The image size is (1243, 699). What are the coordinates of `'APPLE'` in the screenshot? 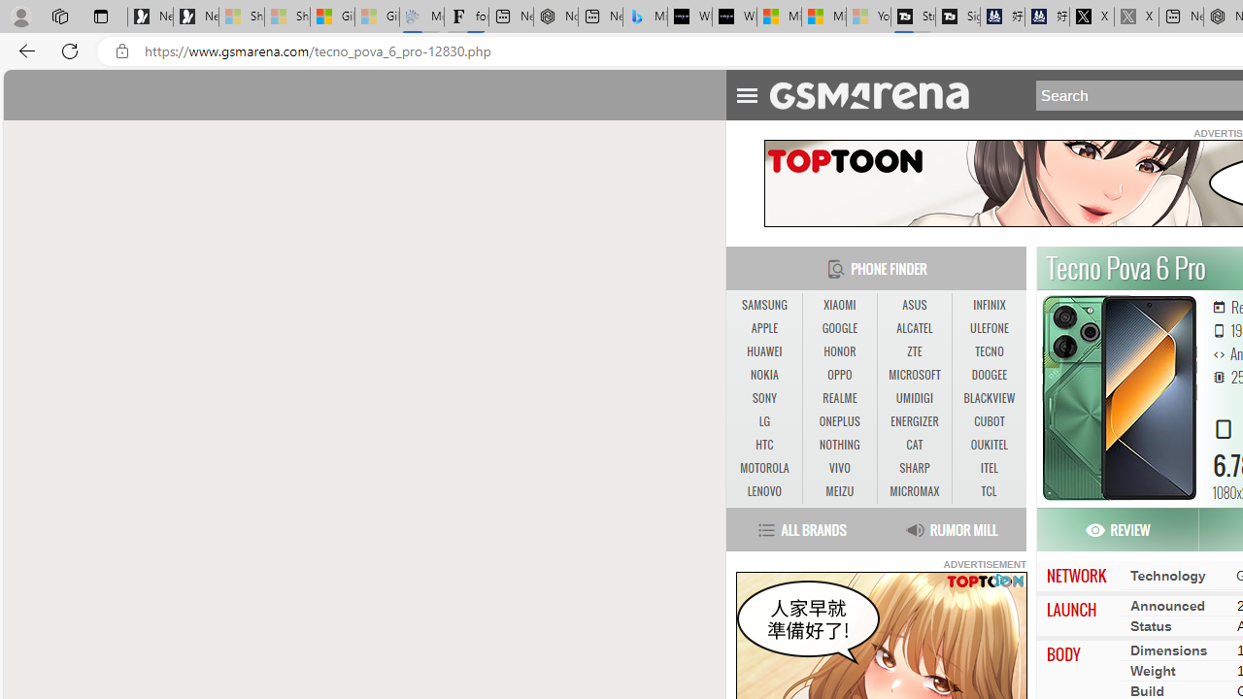 It's located at (763, 328).